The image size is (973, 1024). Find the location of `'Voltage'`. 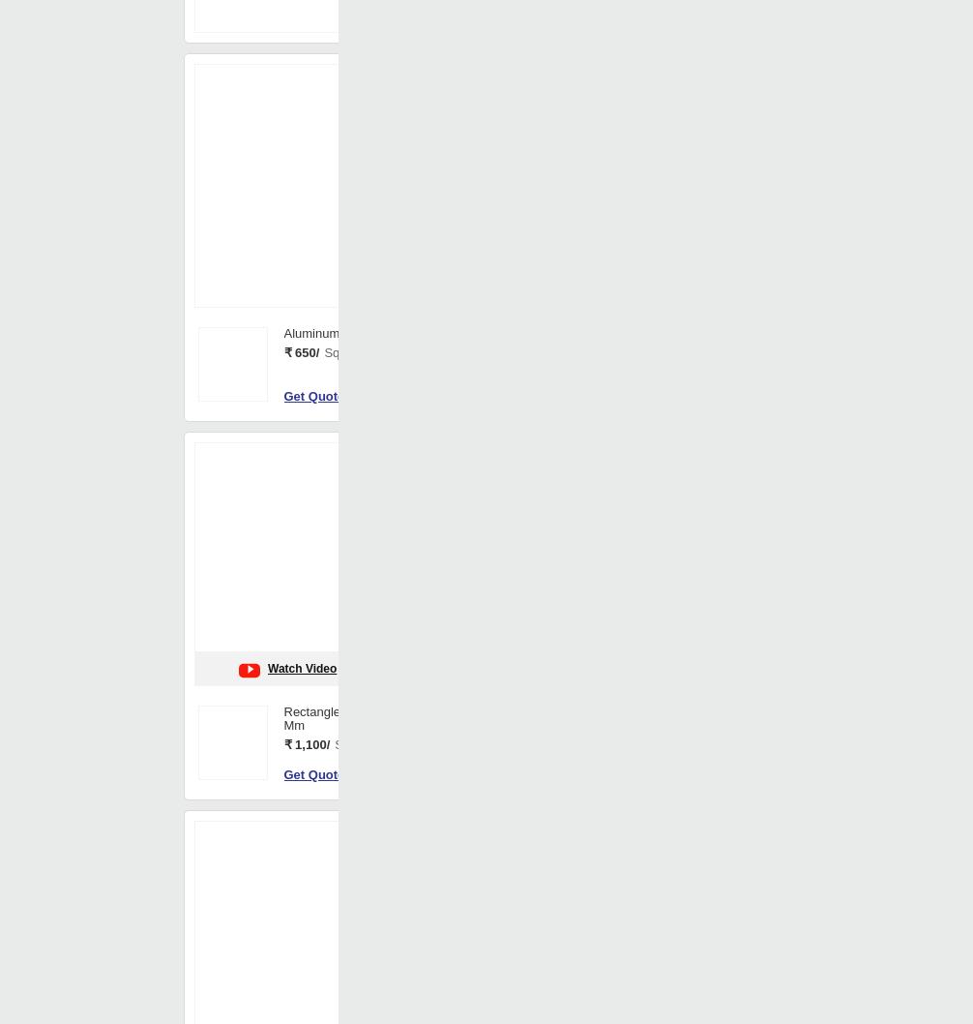

'Voltage' is located at coordinates (481, 131).